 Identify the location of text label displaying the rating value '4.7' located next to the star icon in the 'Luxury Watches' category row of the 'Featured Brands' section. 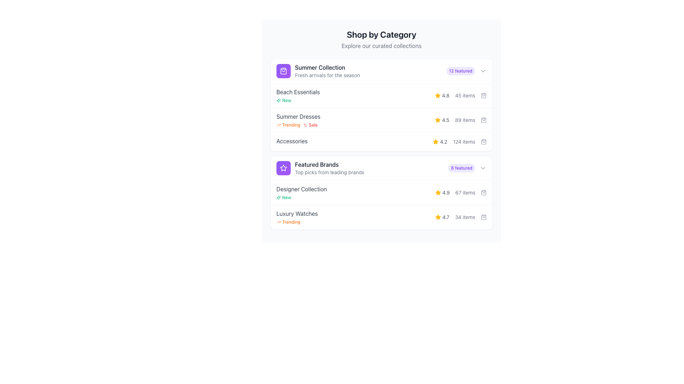
(442, 217).